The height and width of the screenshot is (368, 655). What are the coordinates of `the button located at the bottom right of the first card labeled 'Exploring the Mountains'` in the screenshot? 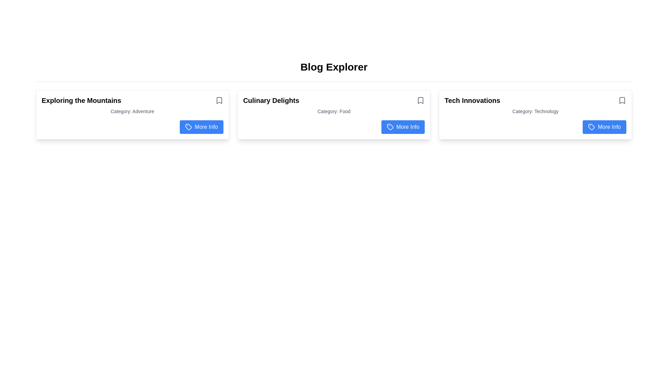 It's located at (201, 127).